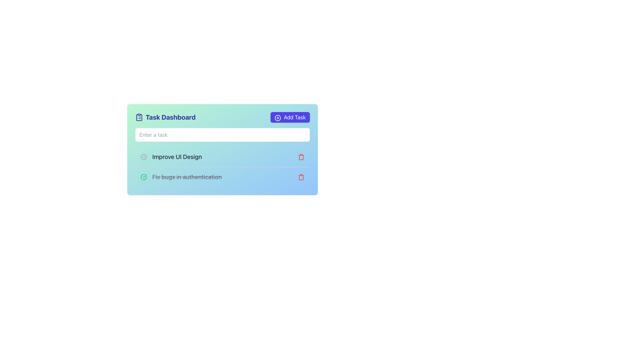  What do you see at coordinates (170, 157) in the screenshot?
I see `the Task item label displaying 'Improve UI Design' in bold, dark gray font, which is the first item in the task list under 'Task Dashboard'` at bounding box center [170, 157].